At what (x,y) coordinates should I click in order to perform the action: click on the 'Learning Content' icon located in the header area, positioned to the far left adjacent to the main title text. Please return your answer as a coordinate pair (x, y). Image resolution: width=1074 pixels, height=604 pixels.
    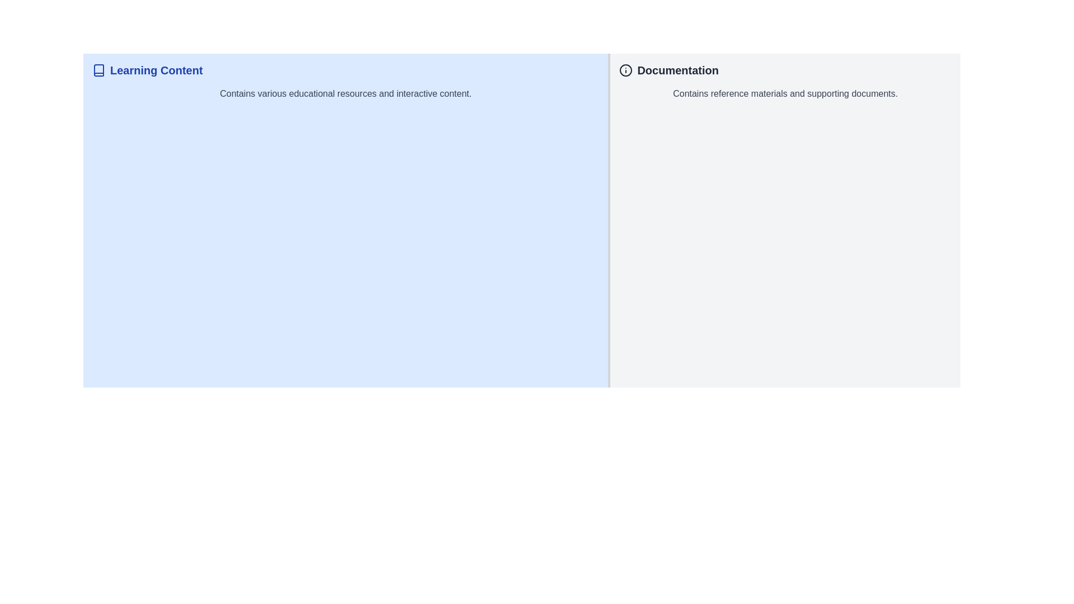
    Looking at the image, I should click on (99, 70).